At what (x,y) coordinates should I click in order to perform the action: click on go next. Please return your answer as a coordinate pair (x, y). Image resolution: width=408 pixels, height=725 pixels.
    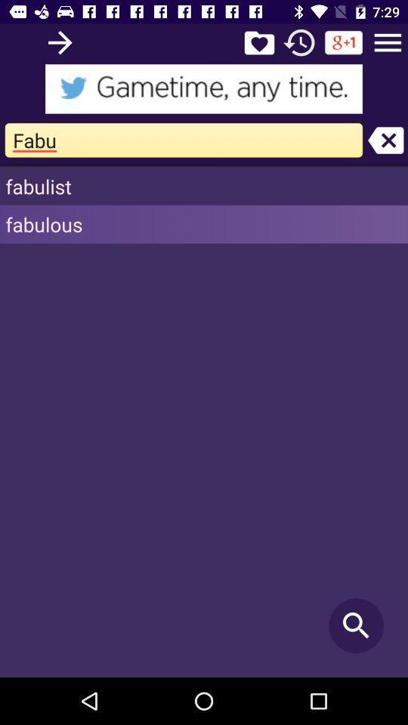
    Looking at the image, I should click on (59, 42).